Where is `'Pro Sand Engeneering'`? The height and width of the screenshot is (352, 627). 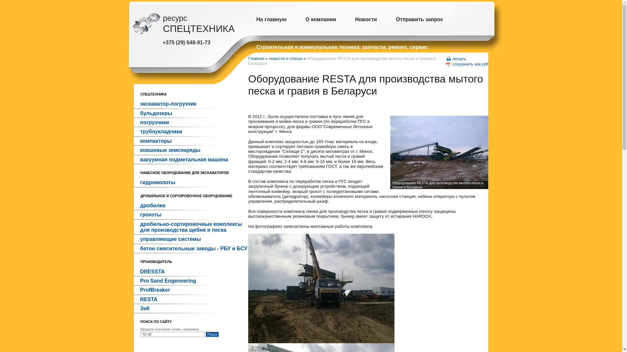 'Pro Sand Engeneering' is located at coordinates (133, 280).